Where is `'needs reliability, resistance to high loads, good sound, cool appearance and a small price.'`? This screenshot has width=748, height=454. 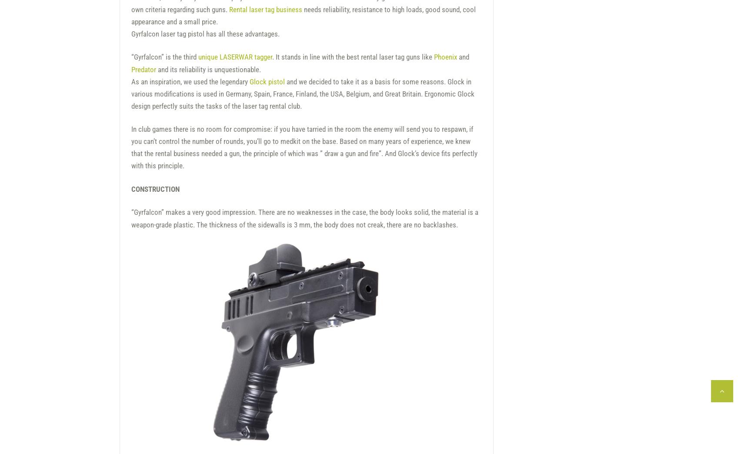
'needs reliability, resistance to high loads, good sound, cool appearance and a small price.' is located at coordinates (303, 14).